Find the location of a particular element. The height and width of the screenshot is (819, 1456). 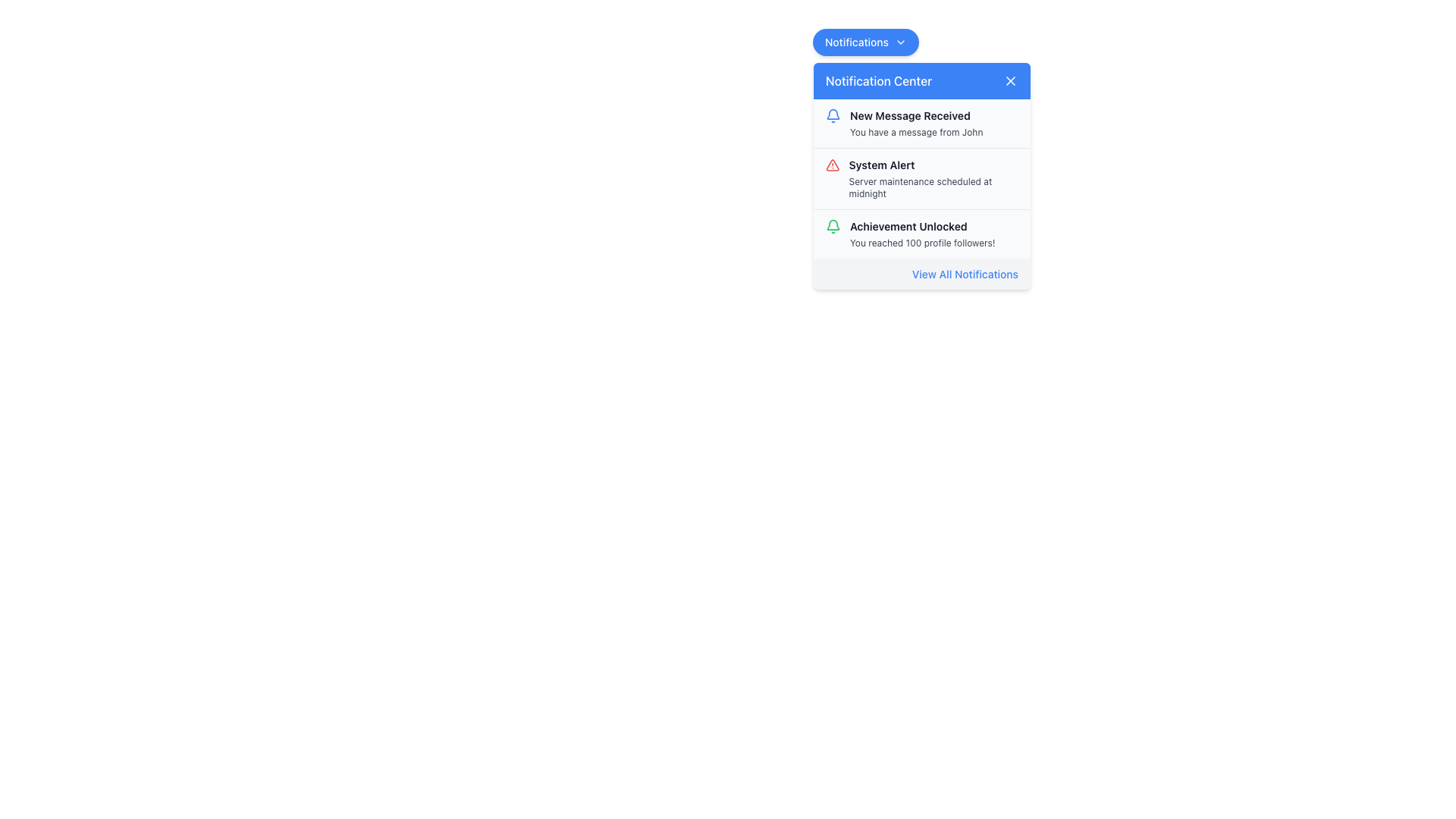

the title text label of the first notification item in the notification panel, which provides a summary of the notification content is located at coordinates (915, 115).